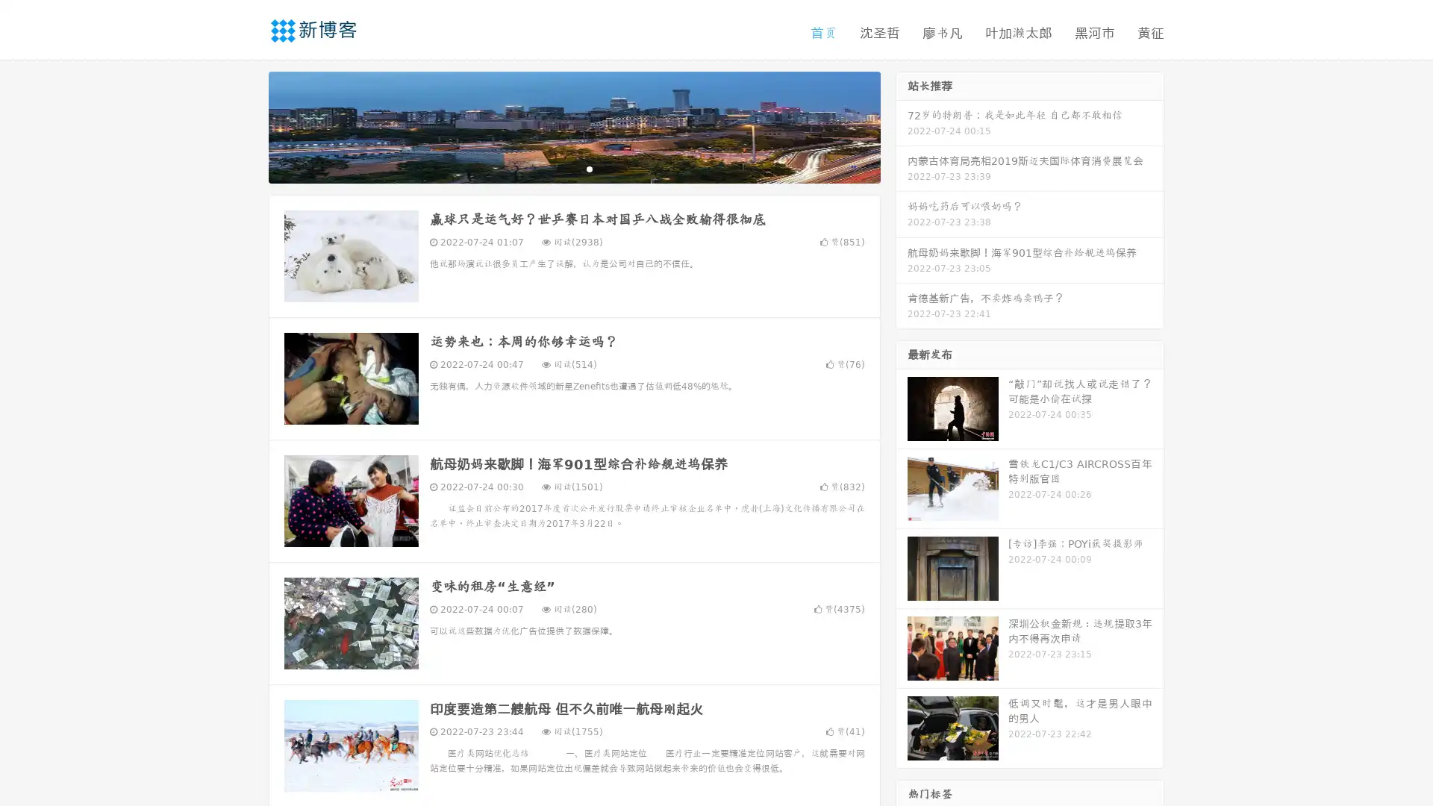  Describe the element at coordinates (573, 168) in the screenshot. I see `Go to slide 2` at that location.